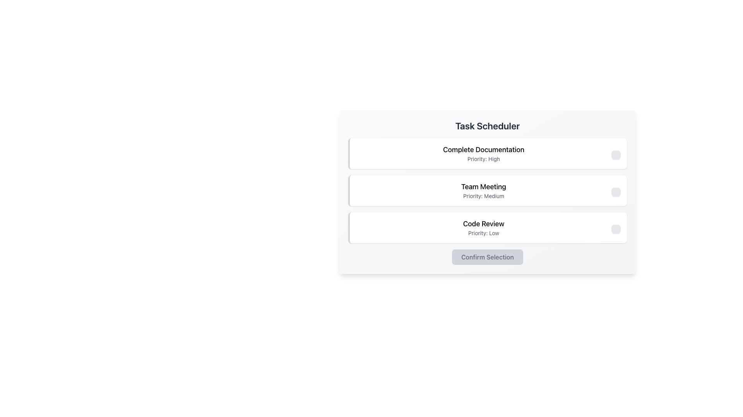  Describe the element at coordinates (487, 227) in the screenshot. I see `to select the task card titled 'Code Review' with 'Low' priority, located in the 'Task Scheduler' section` at that location.